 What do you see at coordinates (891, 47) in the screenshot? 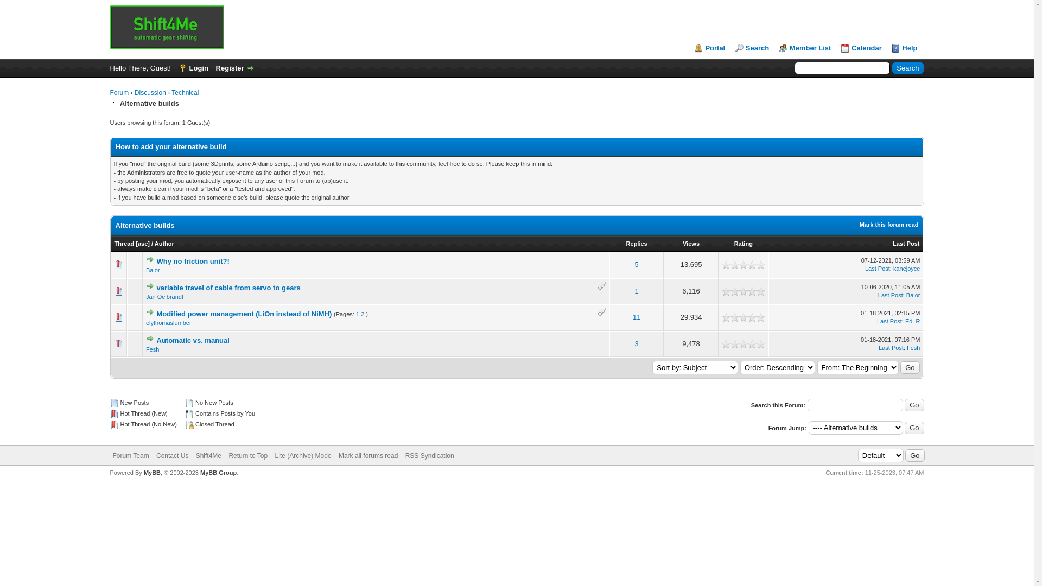
I see `'Help'` at bounding box center [891, 47].